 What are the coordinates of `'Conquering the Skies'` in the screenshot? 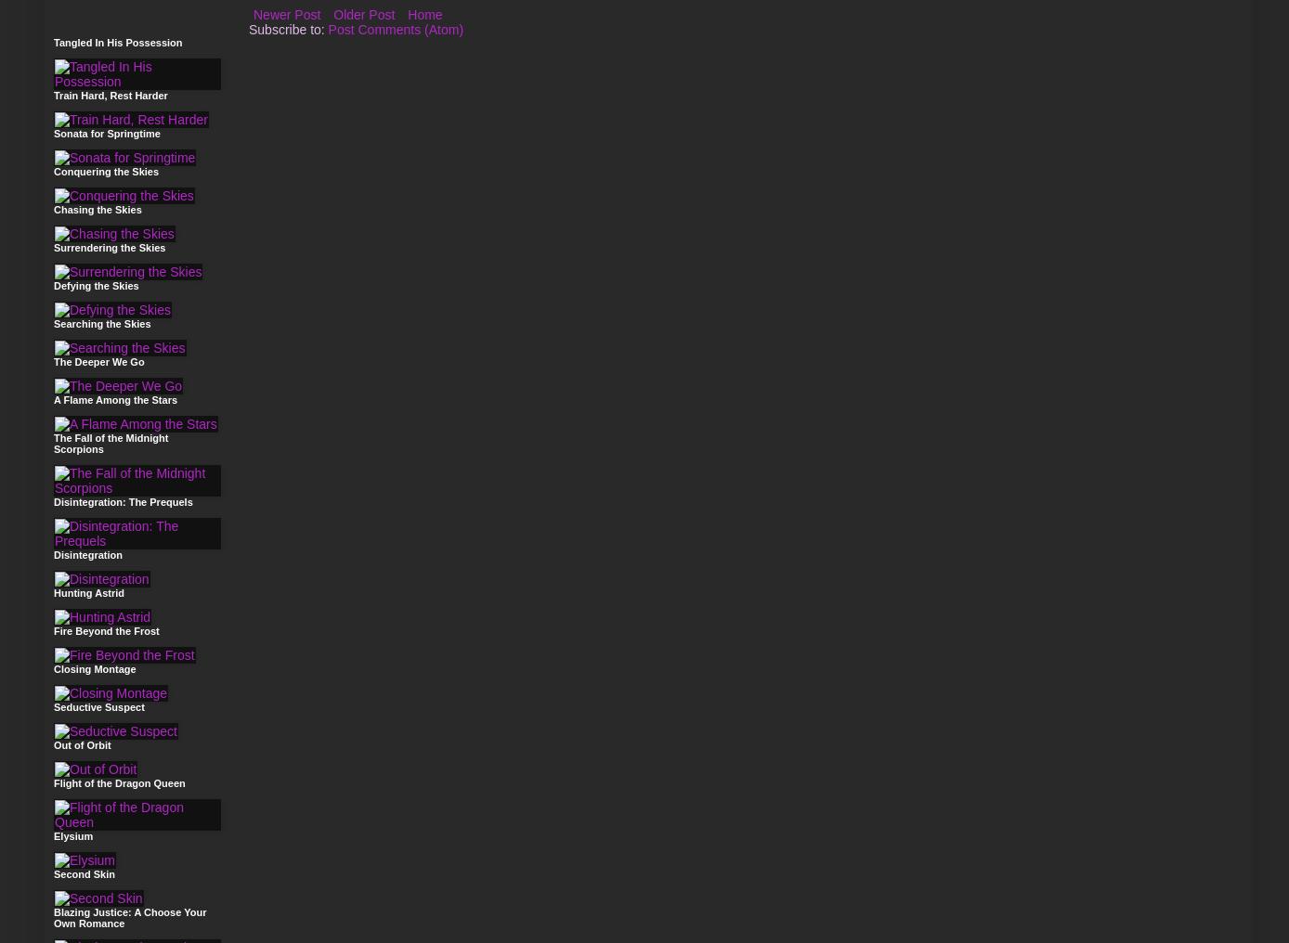 It's located at (105, 171).